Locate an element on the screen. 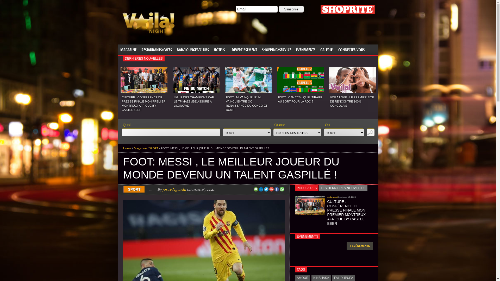 This screenshot has height=281, width=500. 'DIVERTISSEMENT' is located at coordinates (244, 49).